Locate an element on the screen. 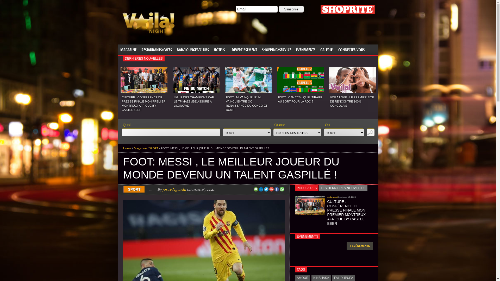 This screenshot has height=281, width=500. 'DIVERTISSEMENT' is located at coordinates (244, 49).